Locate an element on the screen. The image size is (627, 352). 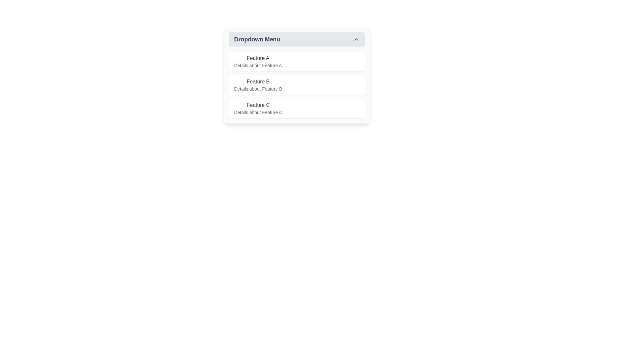
the text label displaying 'Feature C' in a dropdown menu, which is styled in dark gray or black and positioned above the details about the feature is located at coordinates (258, 105).